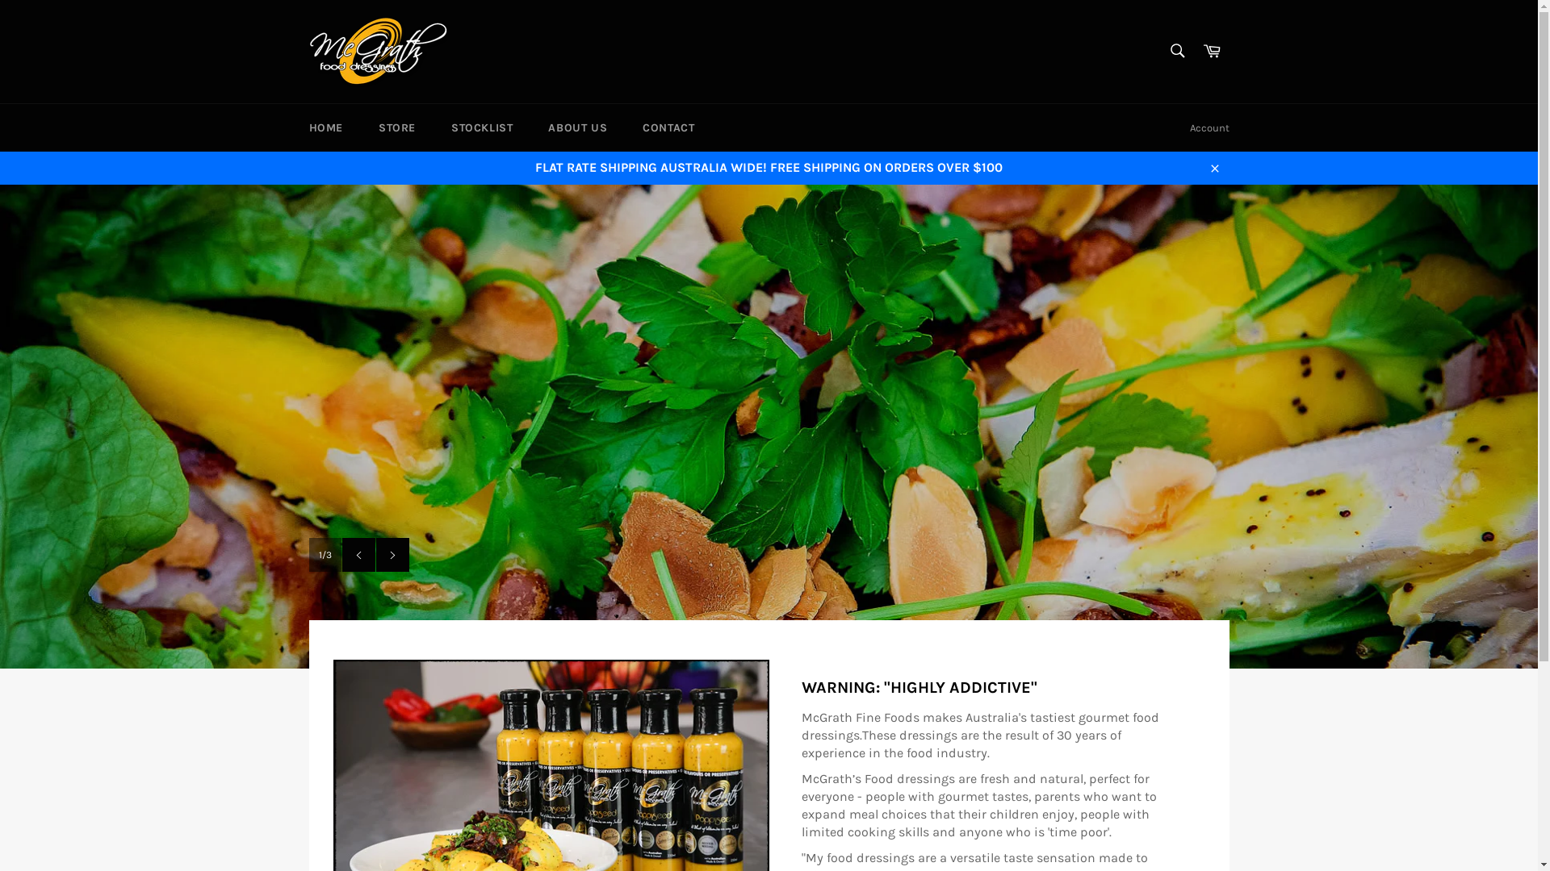  I want to click on 'ABOUT US', so click(577, 127).